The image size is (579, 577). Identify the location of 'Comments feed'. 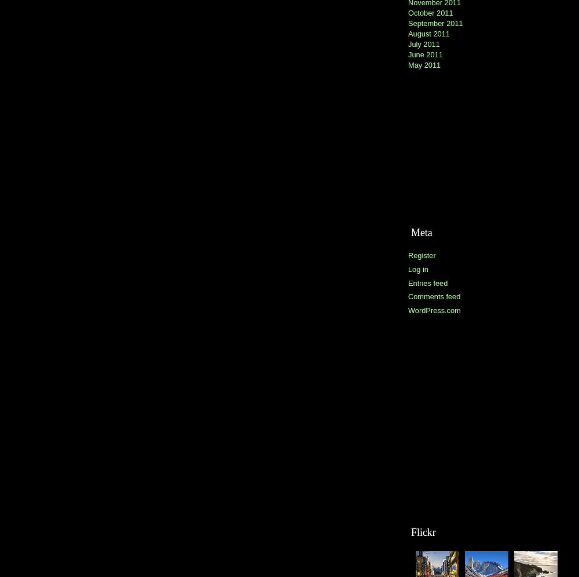
(434, 296).